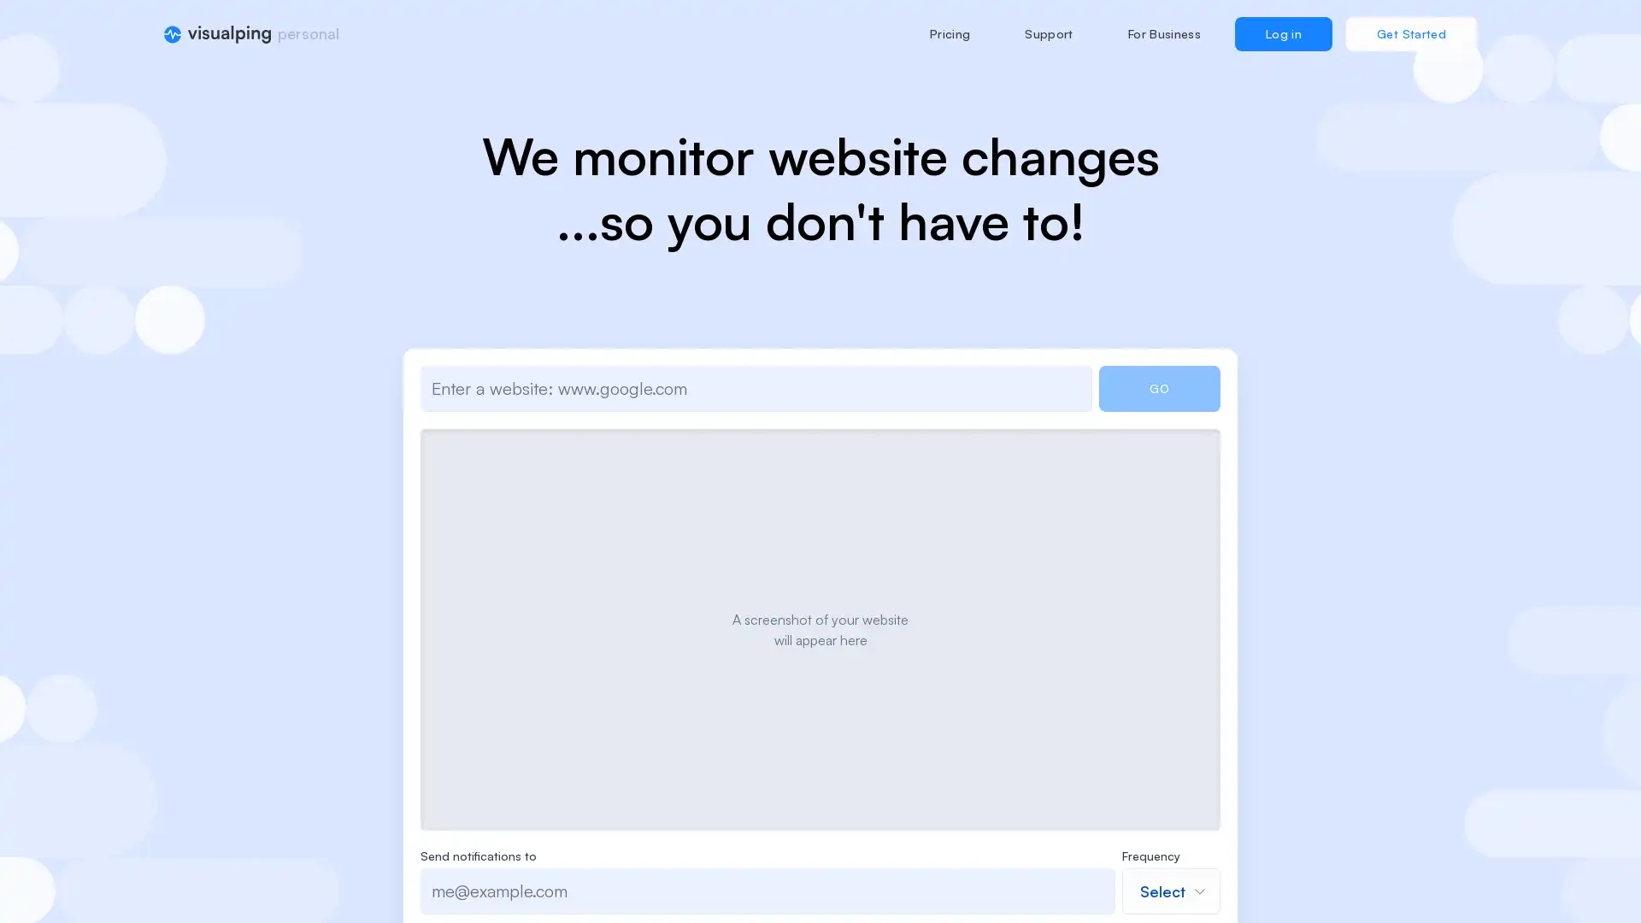 The height and width of the screenshot is (923, 1641). Describe the element at coordinates (1048, 33) in the screenshot. I see `Support` at that location.